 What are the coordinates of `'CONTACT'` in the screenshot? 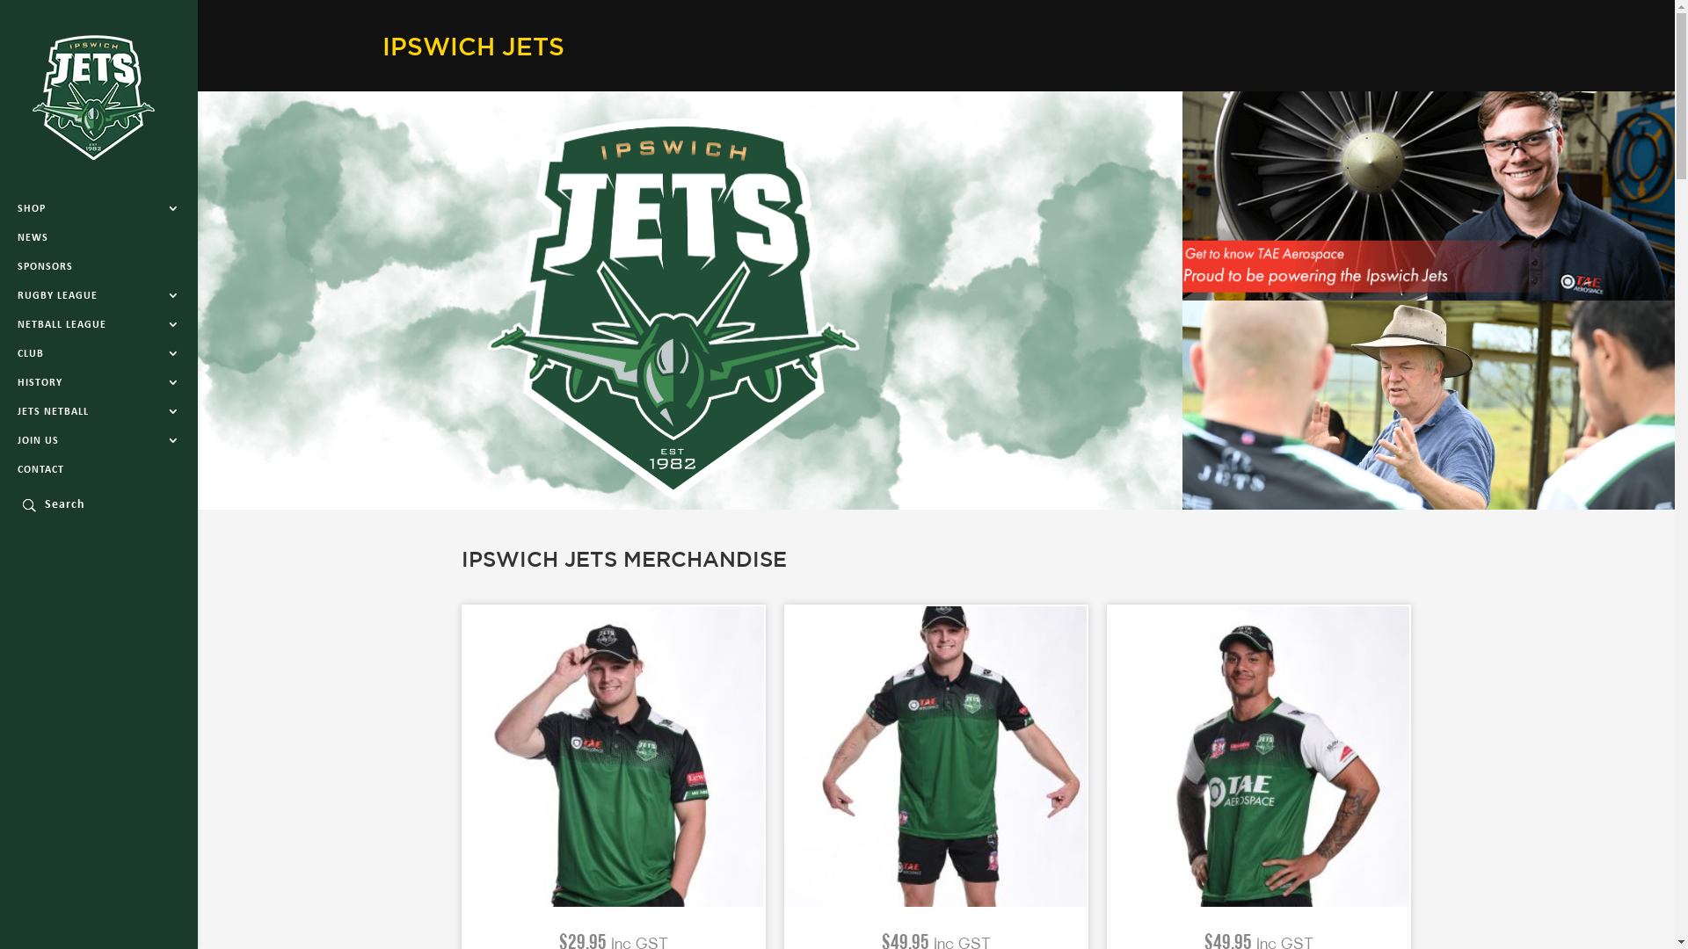 It's located at (98, 469).